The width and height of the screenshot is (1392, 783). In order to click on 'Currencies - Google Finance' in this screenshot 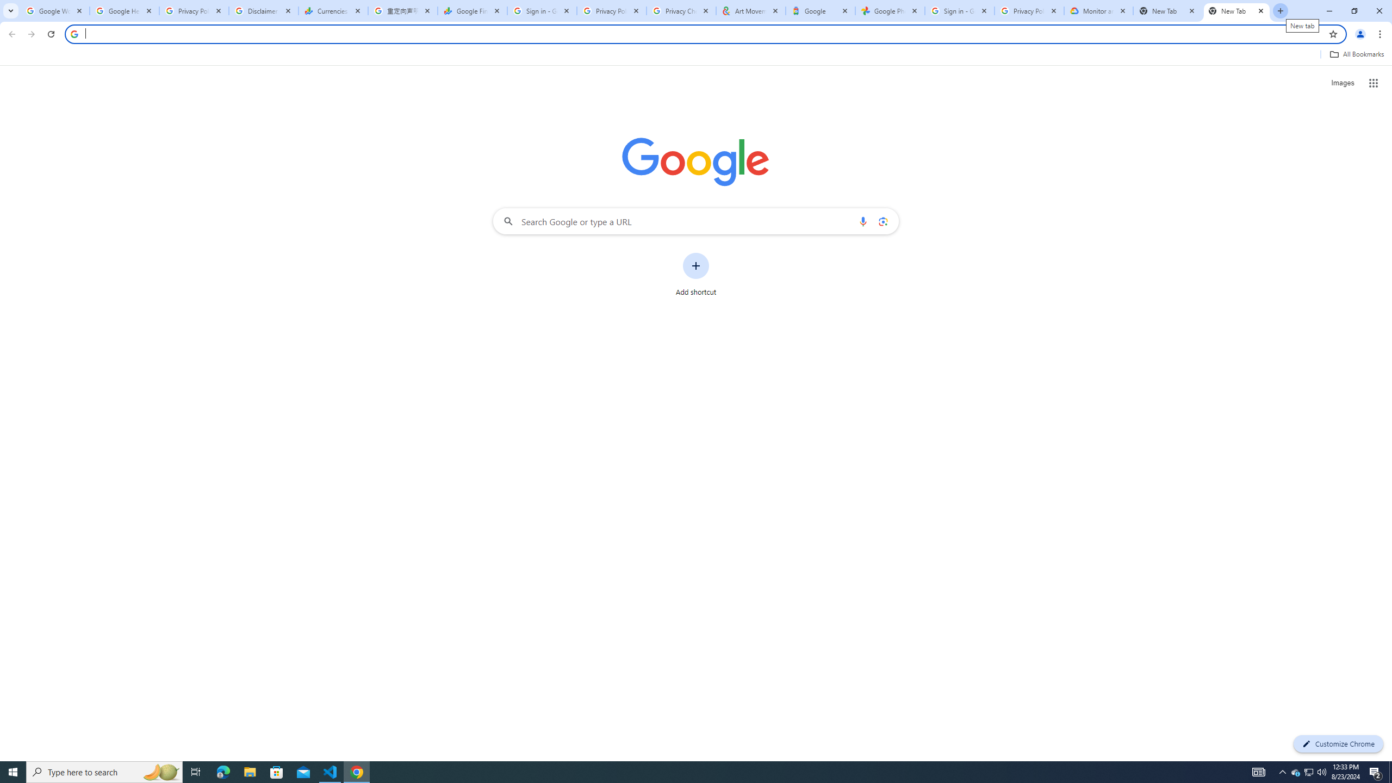, I will do `click(333, 10)`.